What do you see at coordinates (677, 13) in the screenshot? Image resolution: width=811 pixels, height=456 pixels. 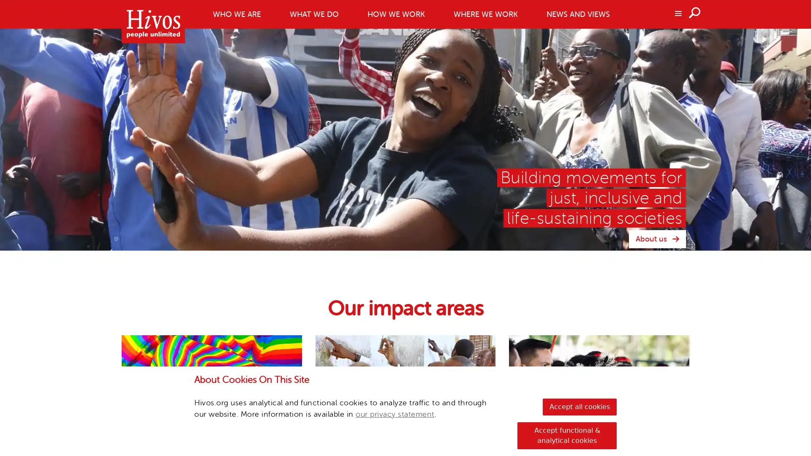 I see `Hamburger button` at bounding box center [677, 13].